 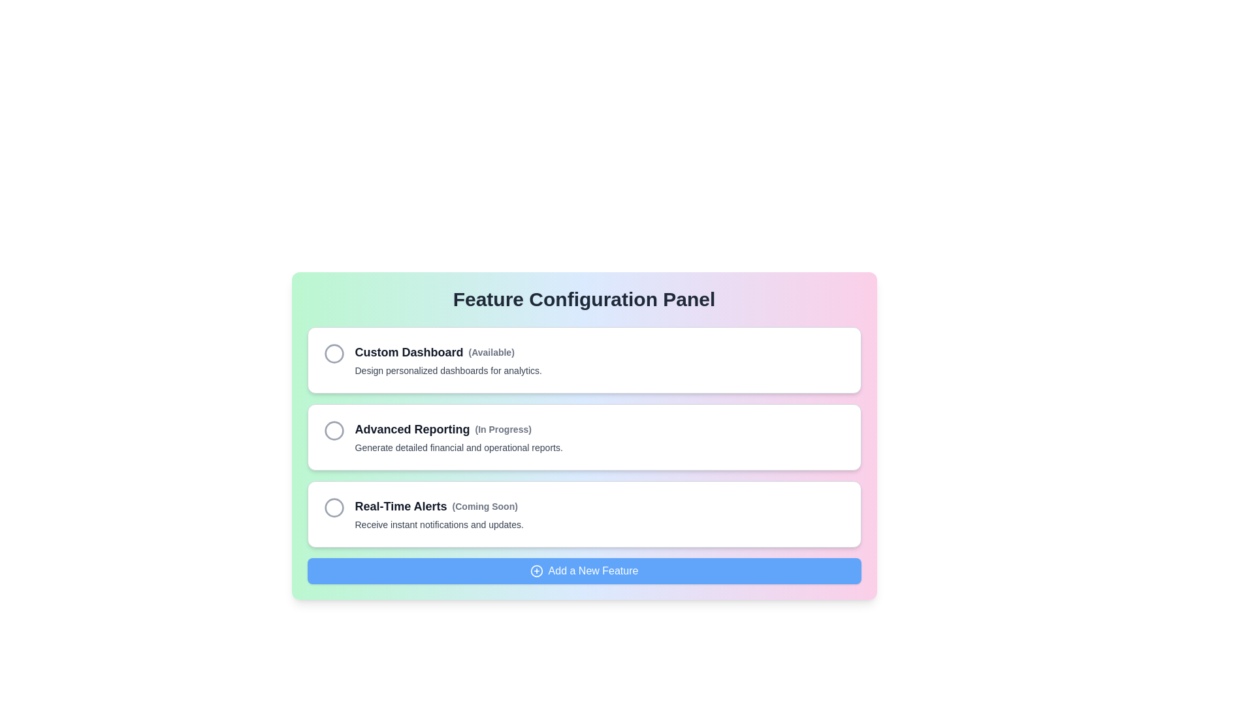 What do you see at coordinates (408, 352) in the screenshot?
I see `the 'Custom Dashboard' text label, which is a bold and large textual element located at the top of the 'Feature Configuration Panel'` at bounding box center [408, 352].